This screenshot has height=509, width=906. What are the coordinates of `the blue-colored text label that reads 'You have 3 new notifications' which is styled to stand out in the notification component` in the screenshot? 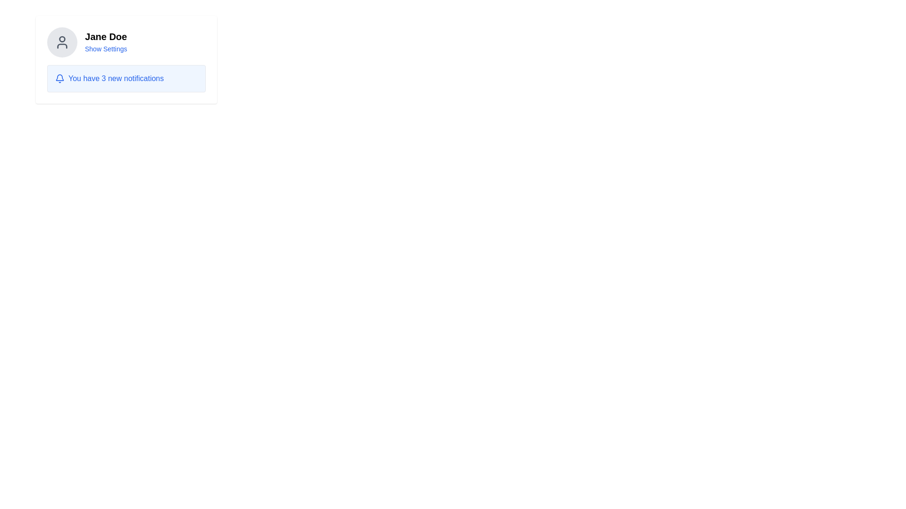 It's located at (116, 78).